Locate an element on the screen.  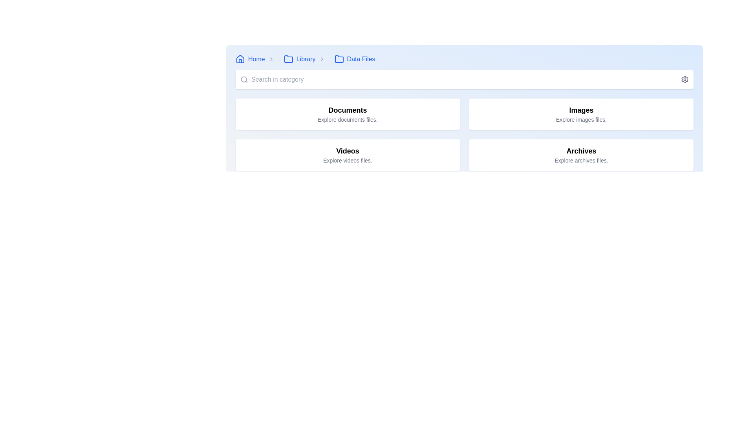
the third item in the breadcrumb navigation, which indicates the current location and precedes the 'Data Files' link is located at coordinates (306, 58).